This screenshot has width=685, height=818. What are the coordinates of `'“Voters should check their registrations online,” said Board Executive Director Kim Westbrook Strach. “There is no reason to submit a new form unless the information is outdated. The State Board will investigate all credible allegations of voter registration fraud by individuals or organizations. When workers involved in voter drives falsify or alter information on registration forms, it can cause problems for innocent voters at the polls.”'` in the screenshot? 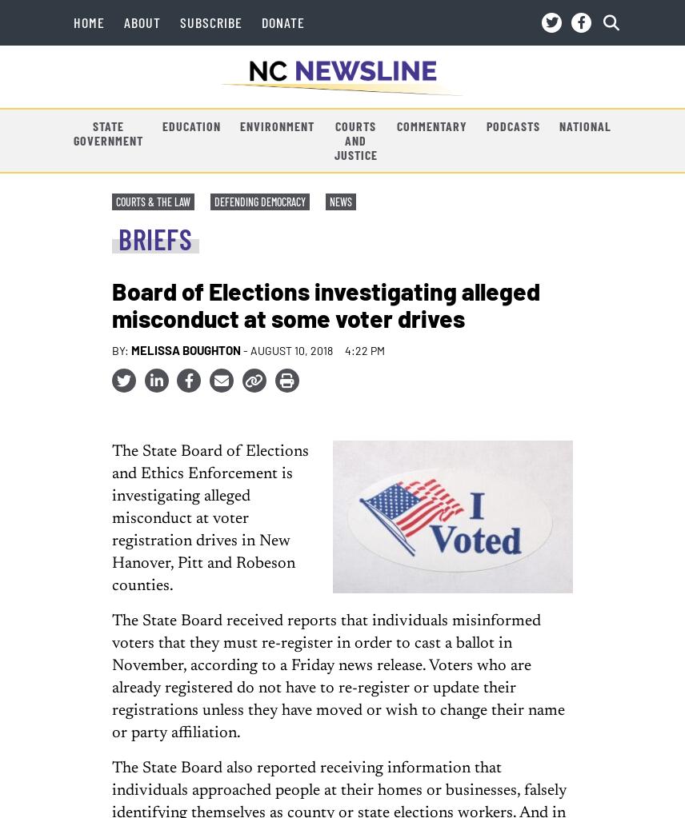 It's located at (334, 141).